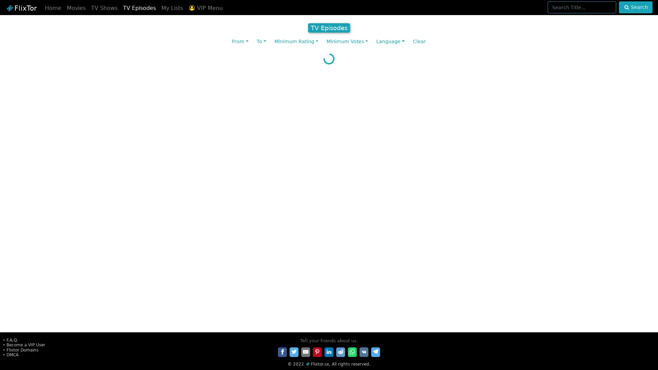 The height and width of the screenshot is (370, 658). What do you see at coordinates (211, 150) in the screenshot?
I see `Watch Now` at bounding box center [211, 150].